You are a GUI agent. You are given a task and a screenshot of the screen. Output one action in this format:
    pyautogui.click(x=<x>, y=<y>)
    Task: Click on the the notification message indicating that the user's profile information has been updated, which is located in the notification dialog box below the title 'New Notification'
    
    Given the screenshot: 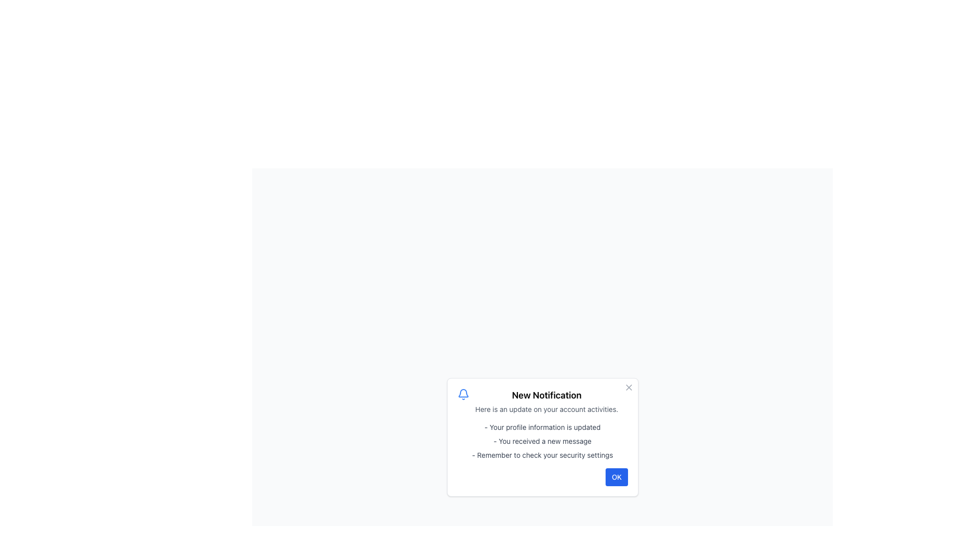 What is the action you would take?
    pyautogui.click(x=542, y=426)
    